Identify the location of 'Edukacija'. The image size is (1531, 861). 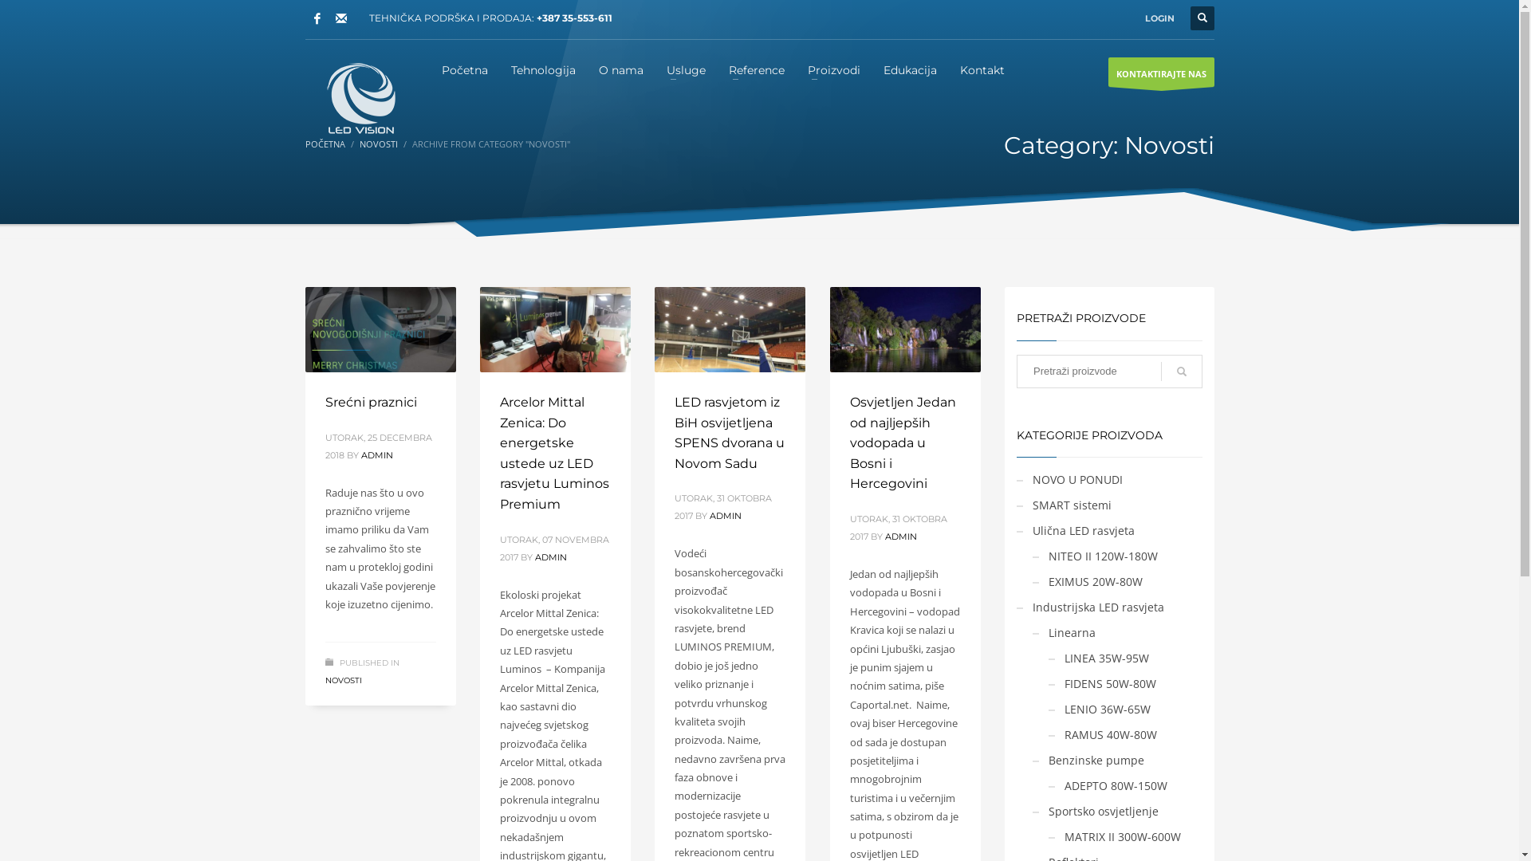
(910, 69).